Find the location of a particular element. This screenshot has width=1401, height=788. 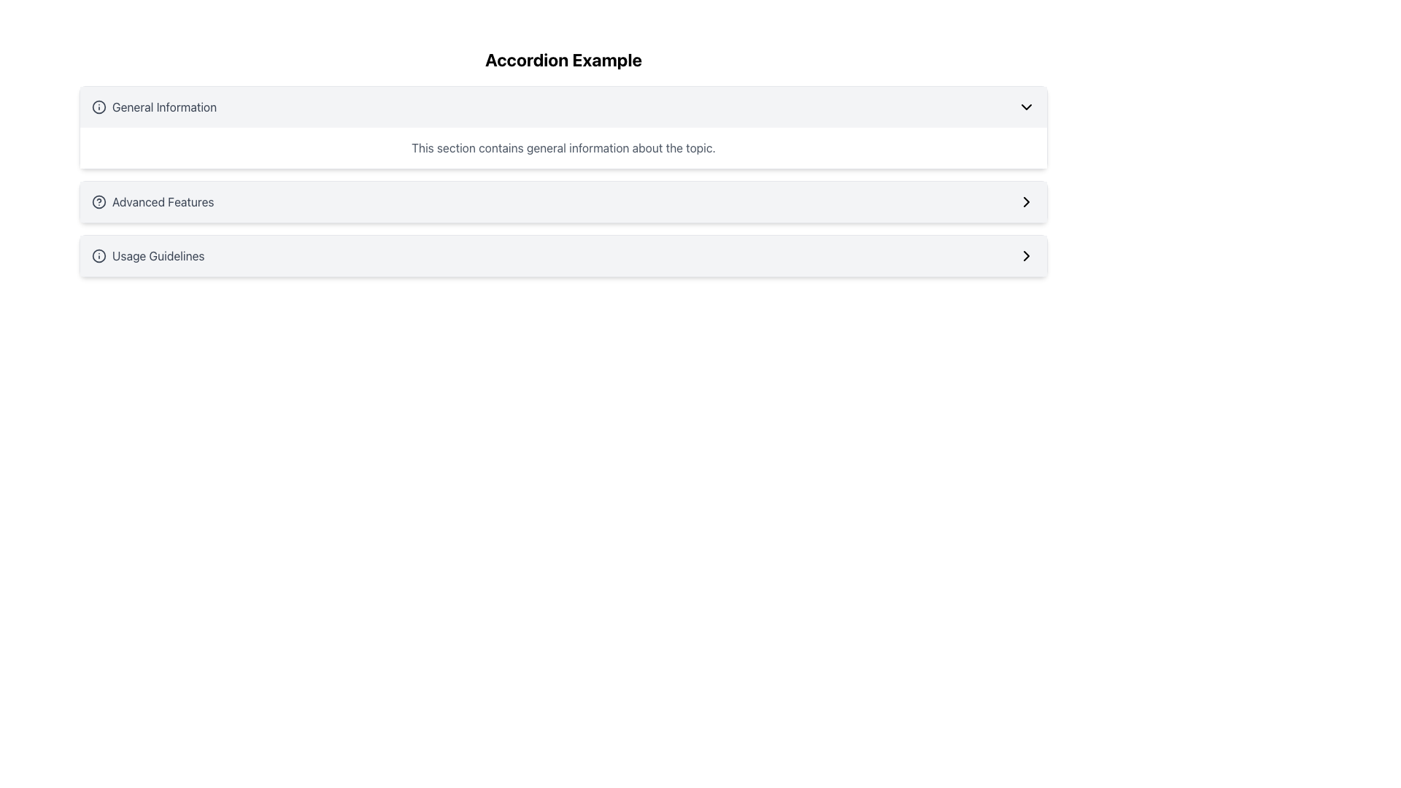

the icon-based button at the far right end of the 'Usage Guidelines' entry is located at coordinates (1025, 255).